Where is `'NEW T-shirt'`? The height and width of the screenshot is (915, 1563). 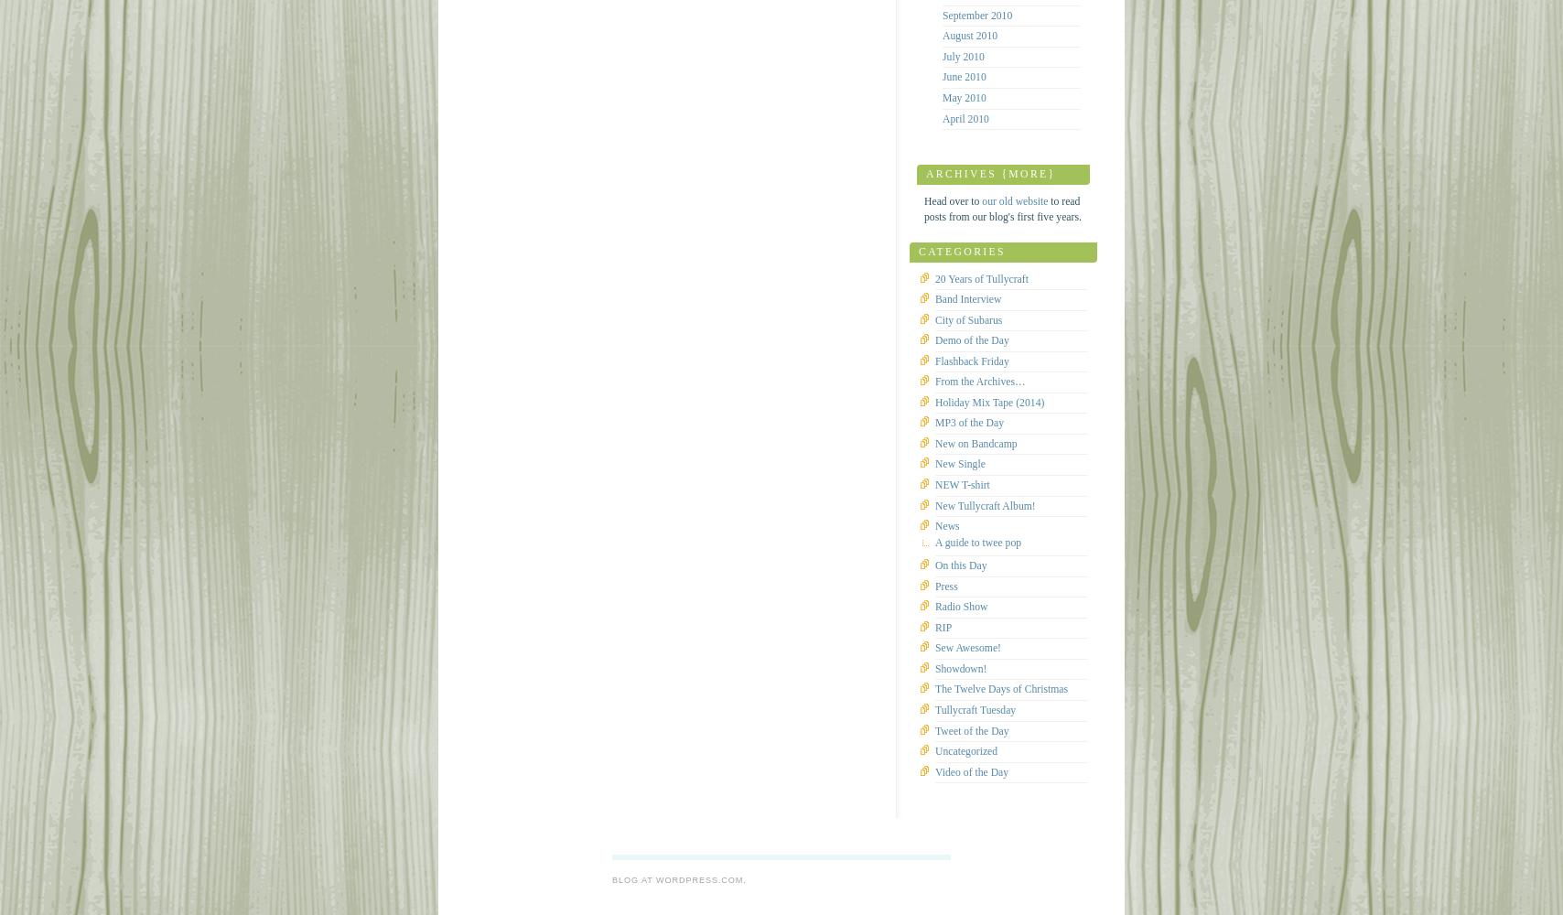
'NEW T-shirt' is located at coordinates (962, 484).